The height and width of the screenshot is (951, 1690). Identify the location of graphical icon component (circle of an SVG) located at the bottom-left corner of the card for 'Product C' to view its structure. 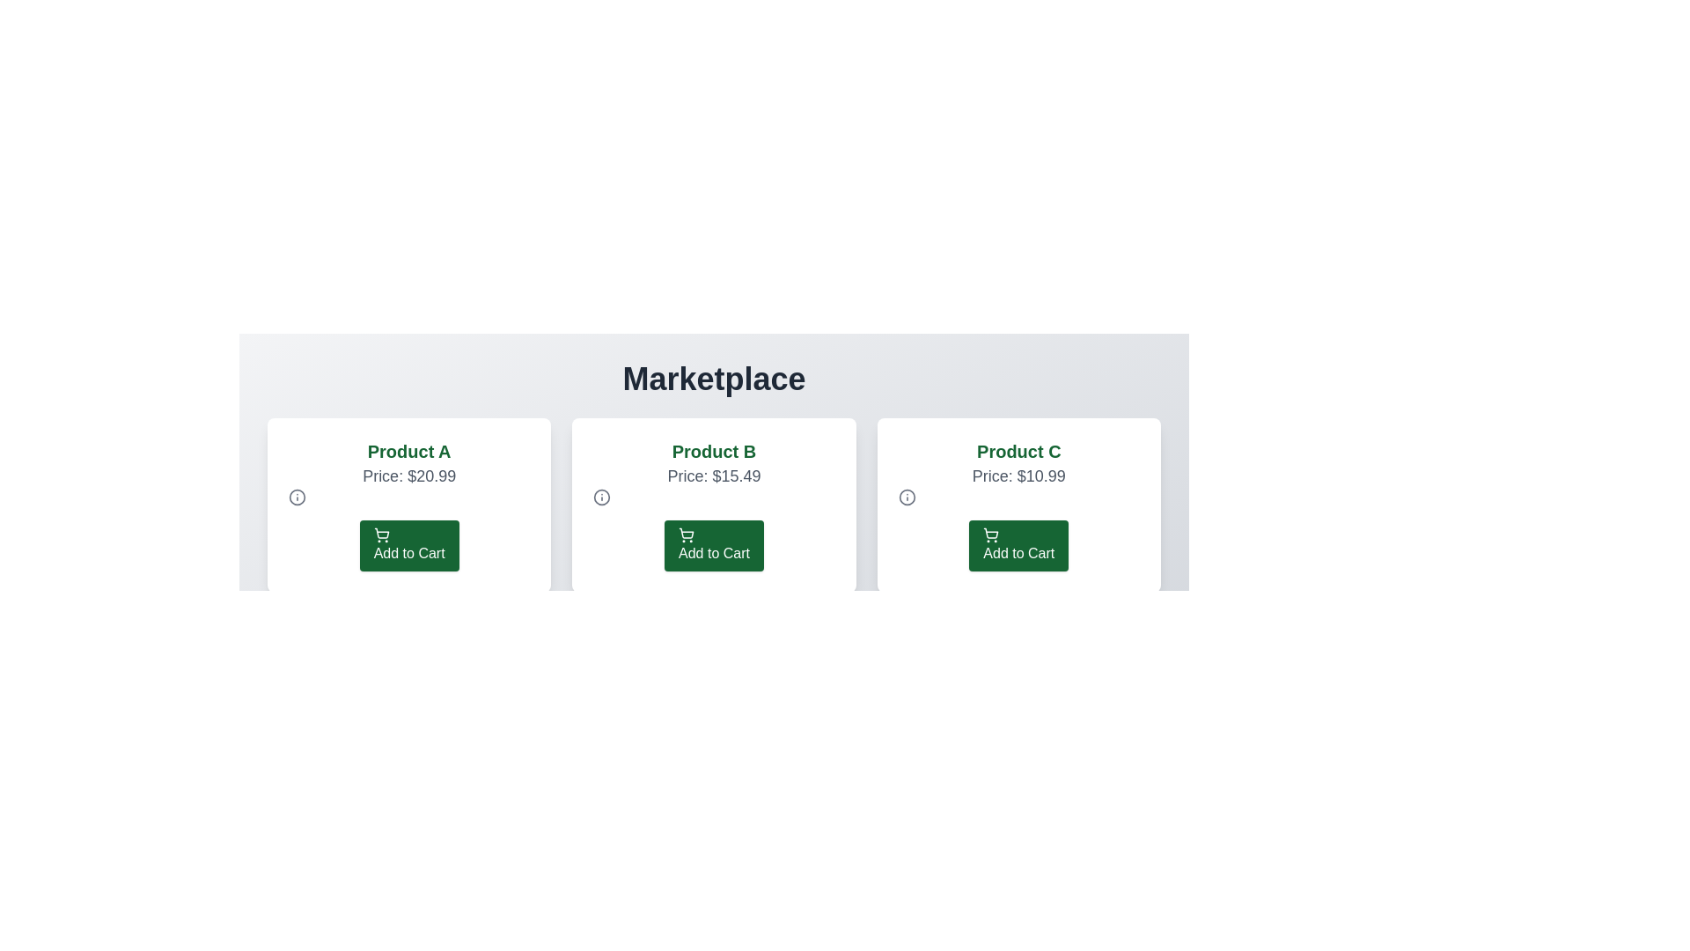
(907, 497).